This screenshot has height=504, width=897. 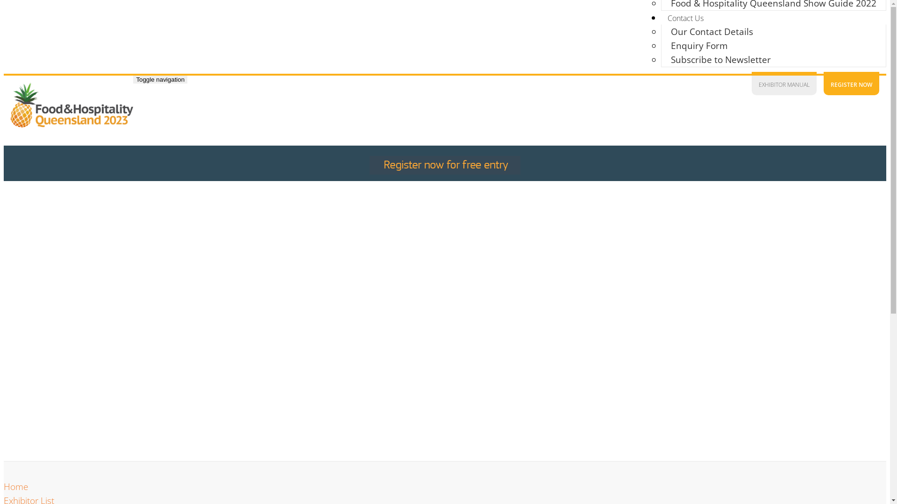 What do you see at coordinates (661, 59) in the screenshot?
I see `'Subscribe to Newsletter'` at bounding box center [661, 59].